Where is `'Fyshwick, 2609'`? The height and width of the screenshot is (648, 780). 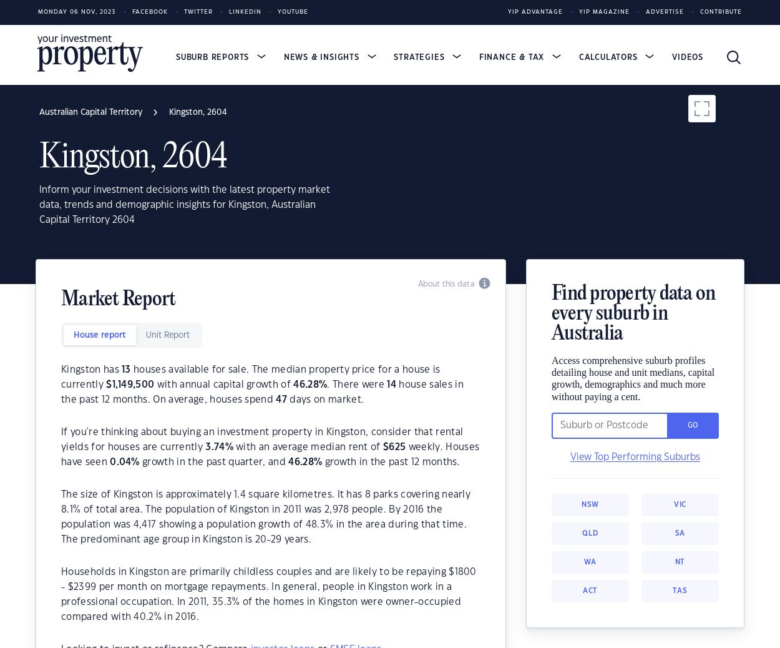 'Fyshwick, 2609' is located at coordinates (79, 275).